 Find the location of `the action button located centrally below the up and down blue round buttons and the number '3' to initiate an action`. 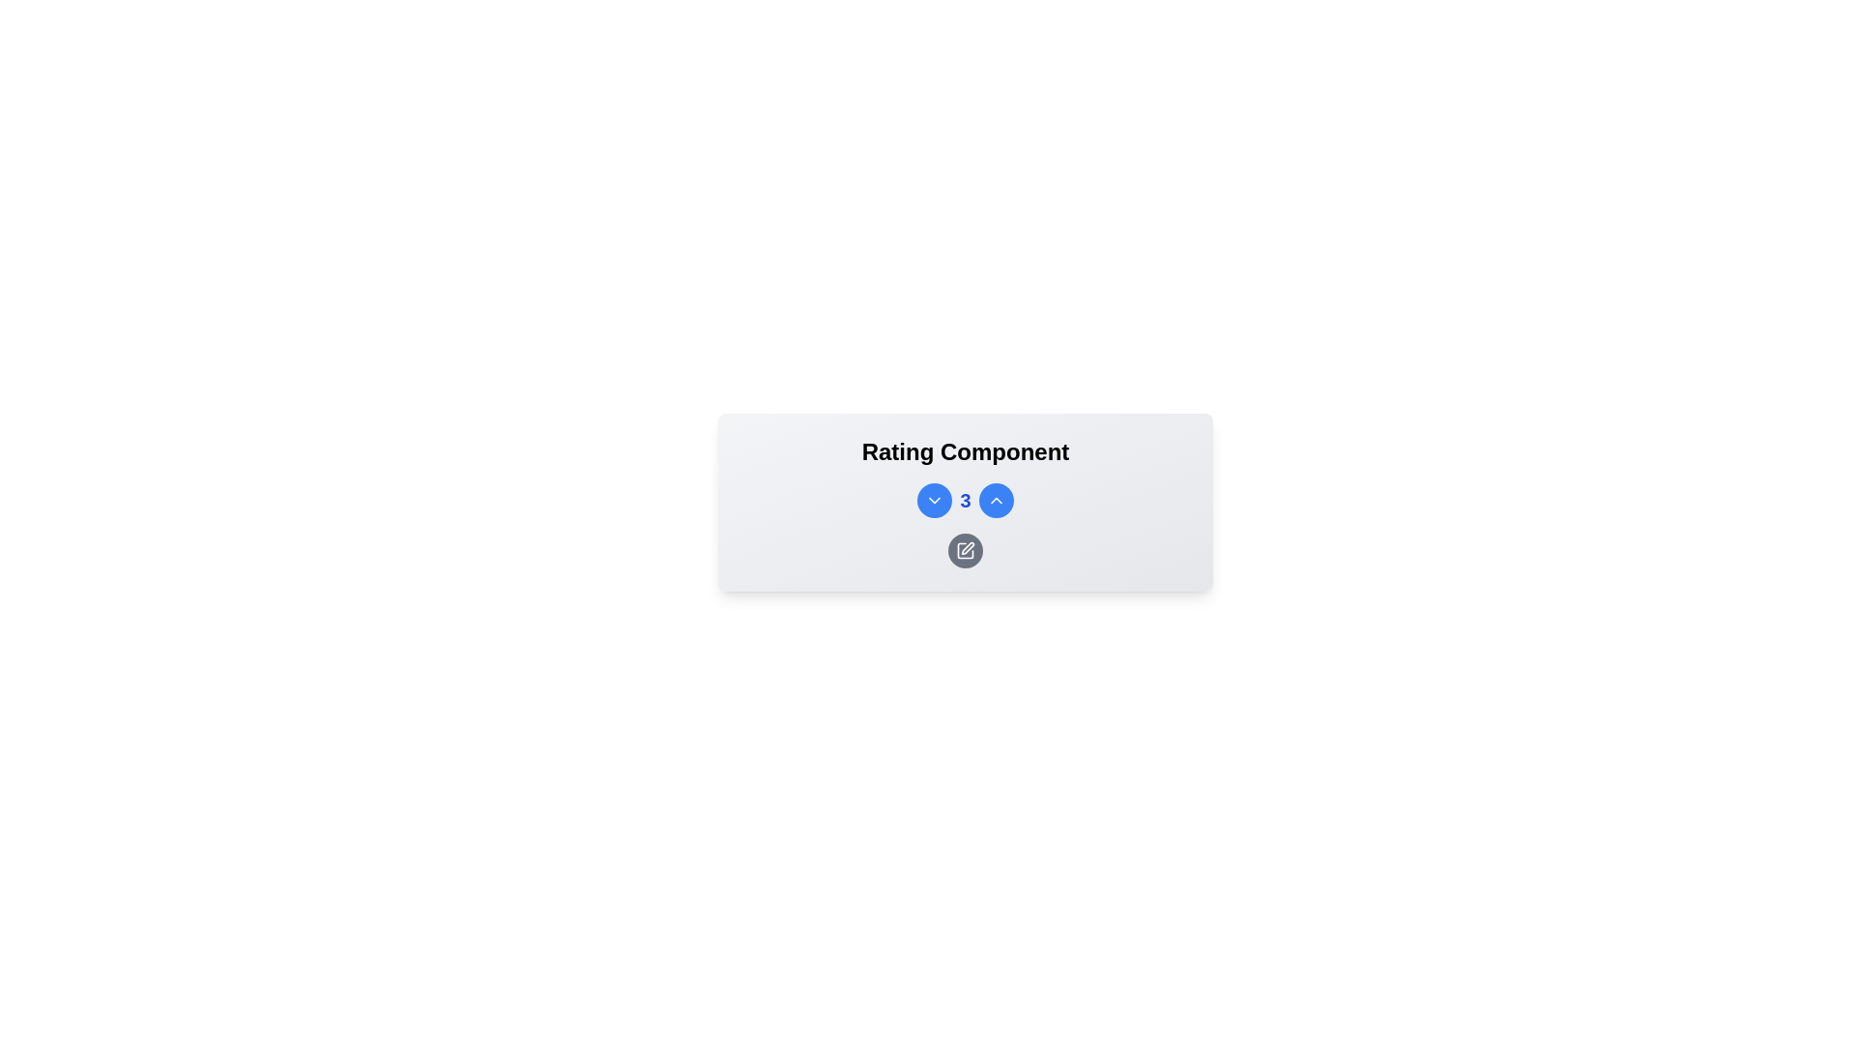

the action button located centrally below the up and down blue round buttons and the number '3' to initiate an action is located at coordinates (965, 525).